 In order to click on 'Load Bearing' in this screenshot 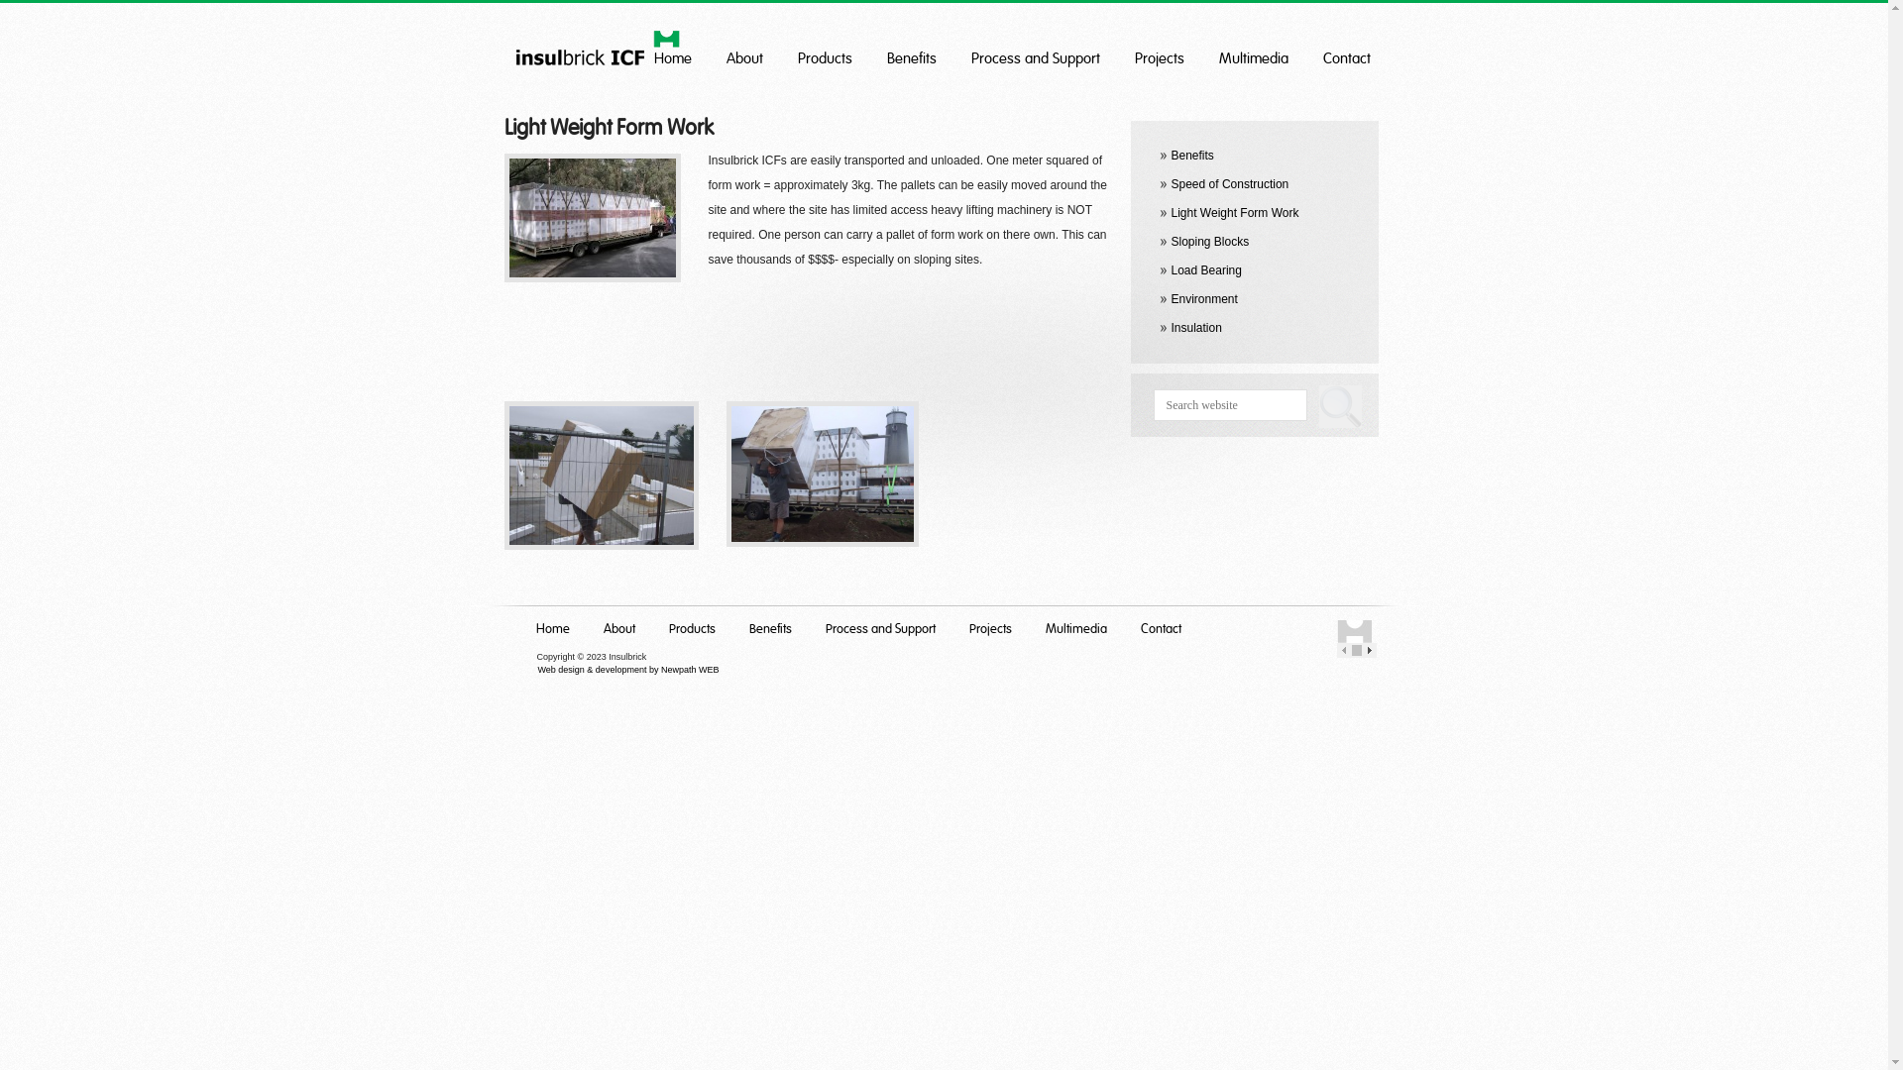, I will do `click(1205, 270)`.